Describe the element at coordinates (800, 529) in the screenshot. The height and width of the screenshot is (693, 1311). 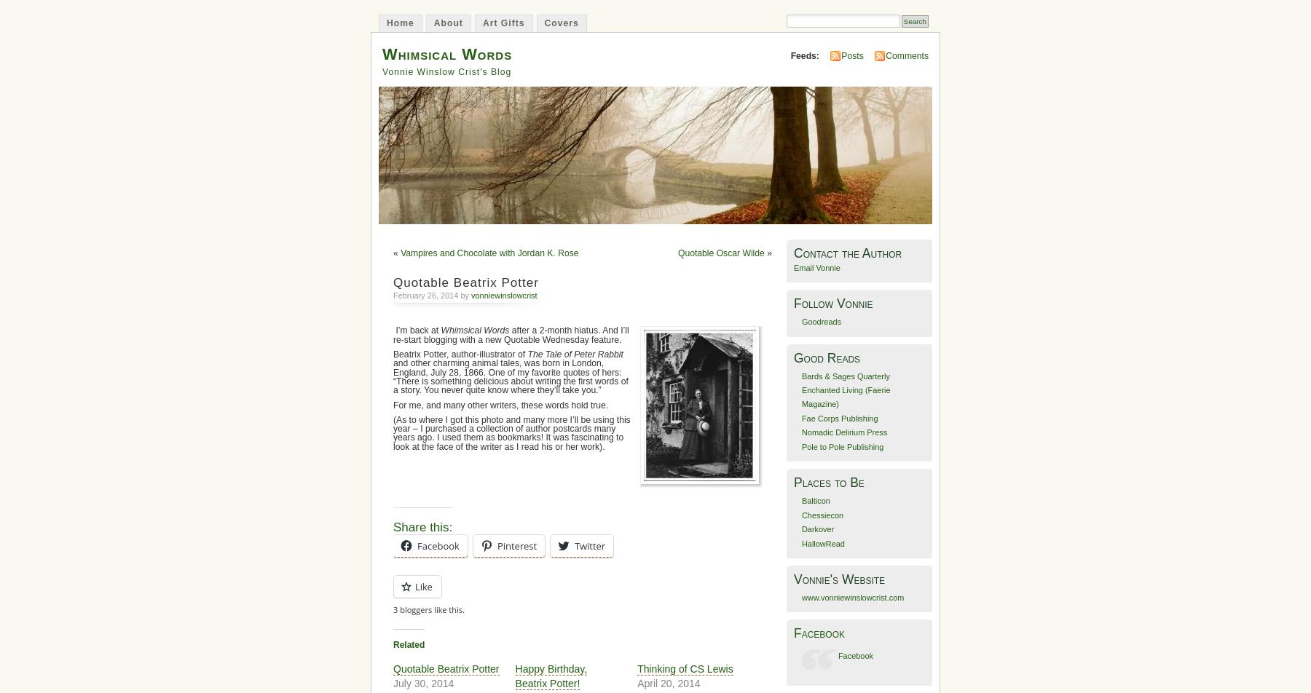
I see `'Darkover'` at that location.